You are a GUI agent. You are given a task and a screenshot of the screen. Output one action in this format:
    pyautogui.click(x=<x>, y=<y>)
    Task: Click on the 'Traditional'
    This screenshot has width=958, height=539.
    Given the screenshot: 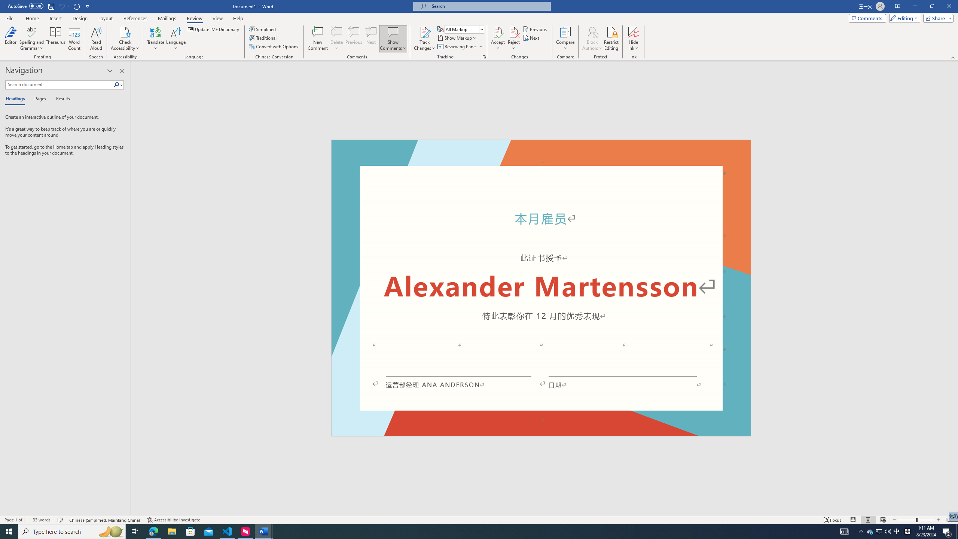 What is the action you would take?
    pyautogui.click(x=263, y=37)
    